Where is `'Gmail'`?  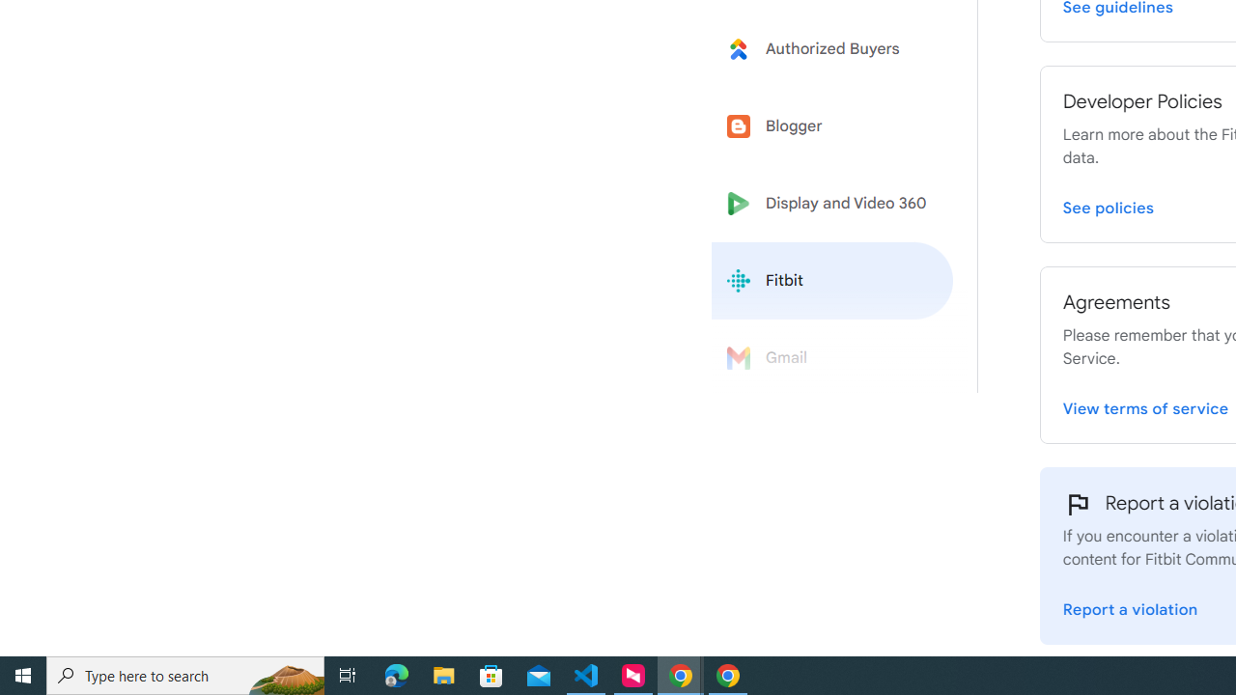
'Gmail' is located at coordinates (832, 358).